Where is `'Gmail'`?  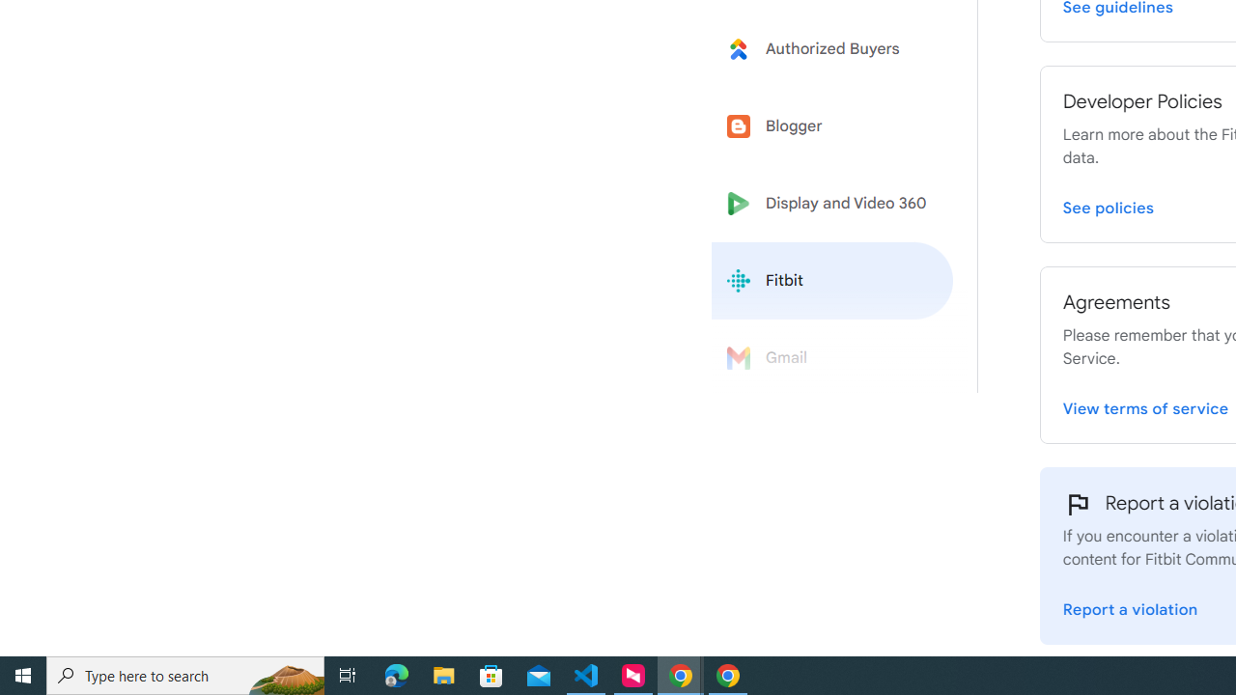
'Gmail' is located at coordinates (832, 358).